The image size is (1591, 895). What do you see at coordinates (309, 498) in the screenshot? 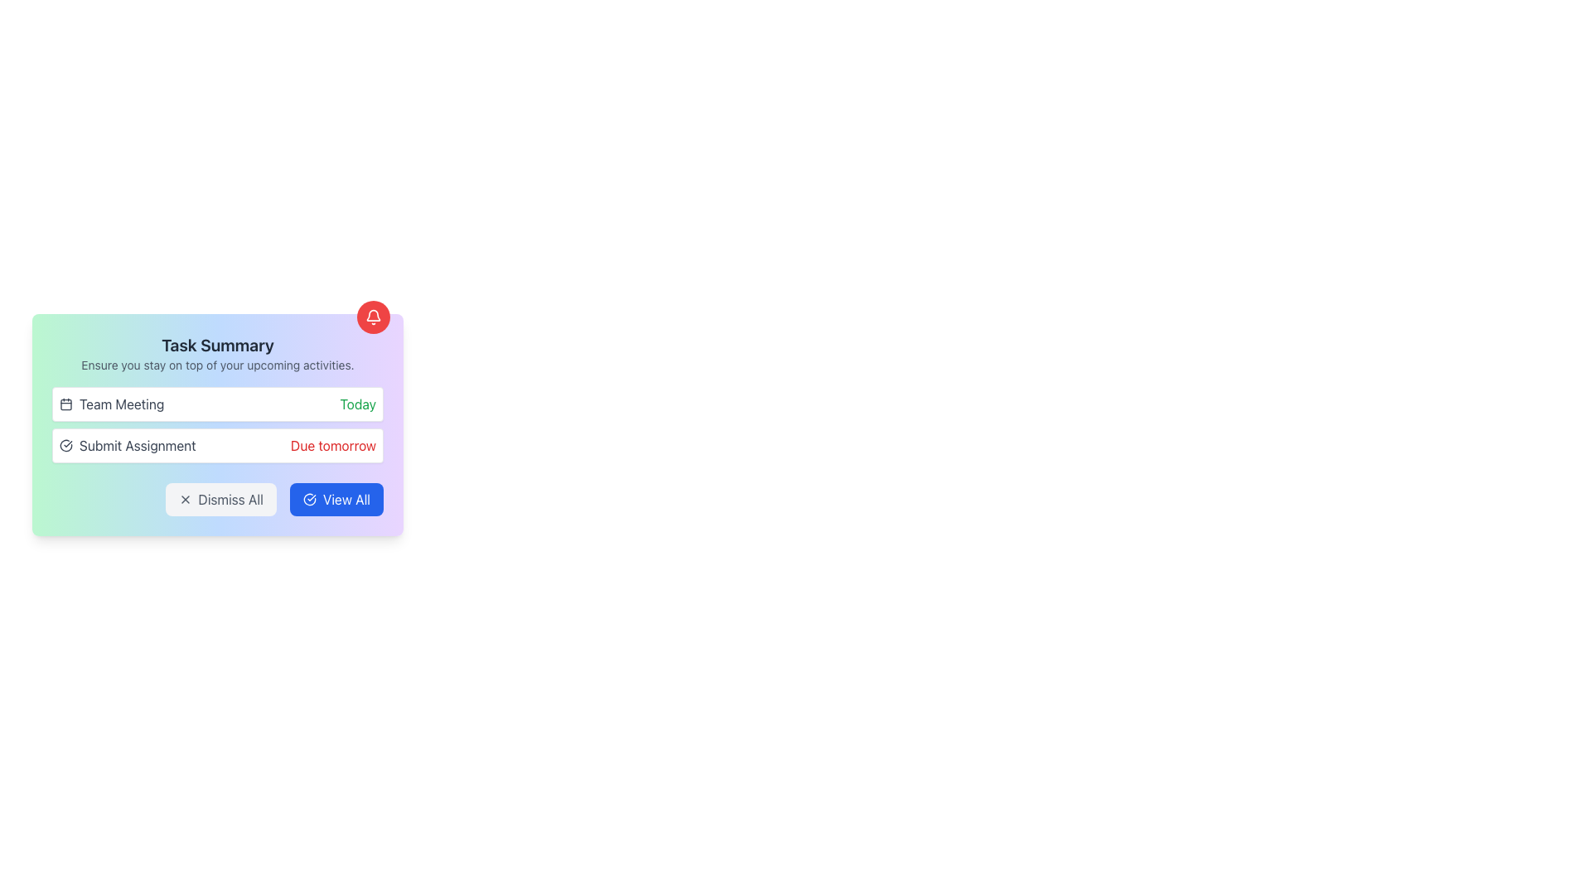
I see `the confirmatory icon located to the left of the 'View All' button at the bottom-right corner of the task summary card` at bounding box center [309, 498].